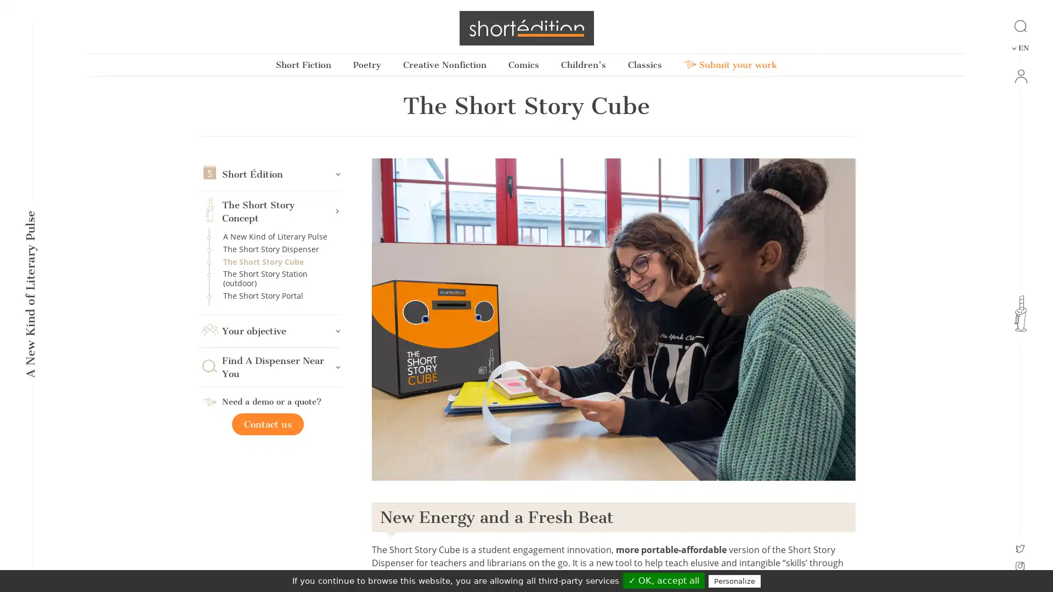  Describe the element at coordinates (1019, 48) in the screenshot. I see `EN` at that location.